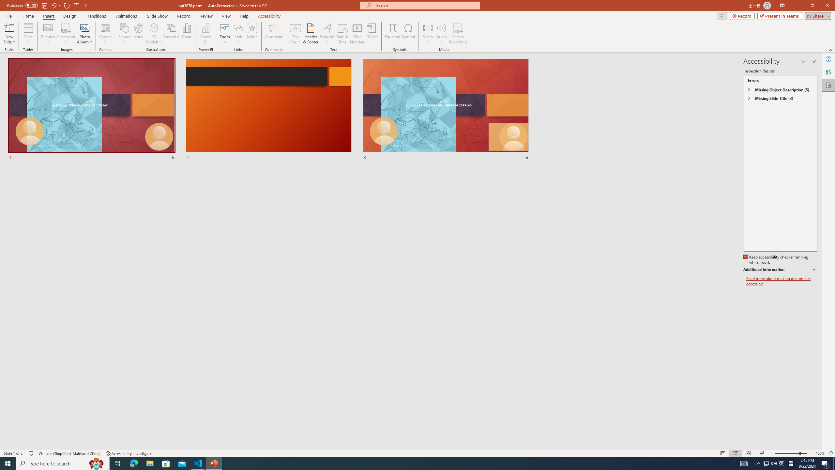 This screenshot has width=835, height=470. I want to click on 'Screenshot', so click(66, 34).